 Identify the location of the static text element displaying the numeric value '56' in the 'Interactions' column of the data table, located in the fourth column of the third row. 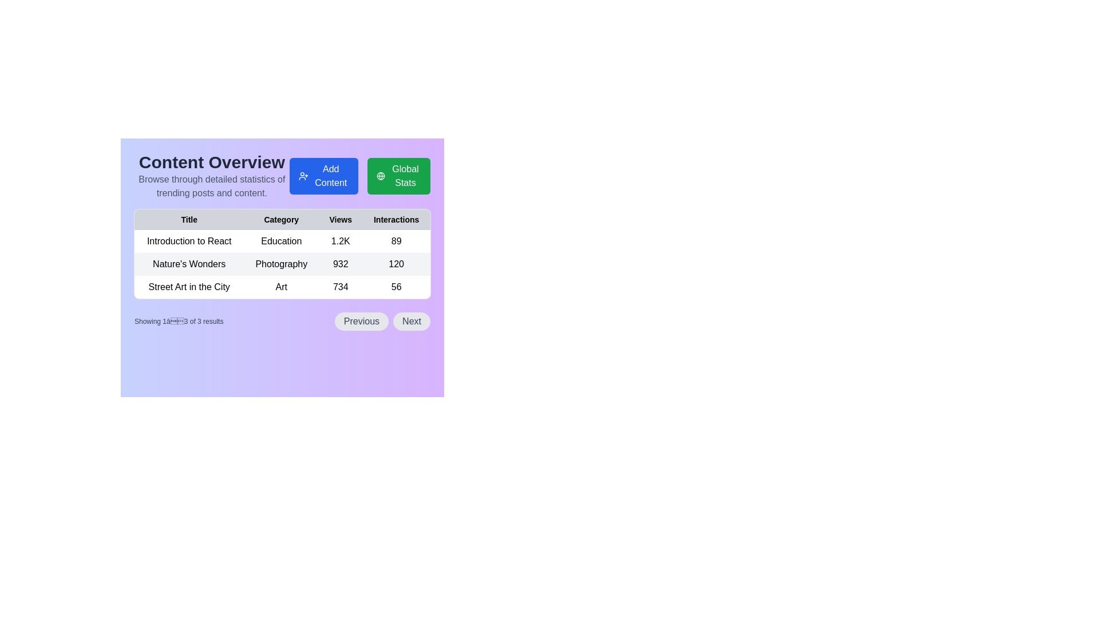
(396, 286).